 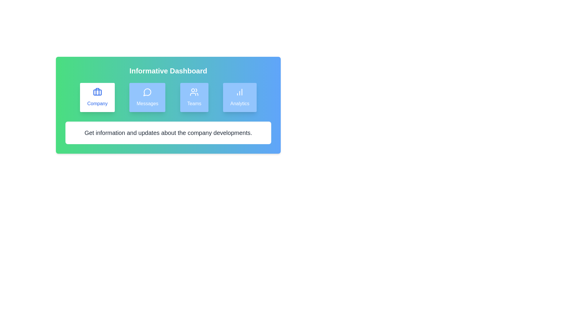 What do you see at coordinates (168, 71) in the screenshot?
I see `the header text 'Informative Dashboard' which is displayed in a bold, large font with a gradient background transitioning from green to blue, located at the top of the section with rounded corners` at bounding box center [168, 71].